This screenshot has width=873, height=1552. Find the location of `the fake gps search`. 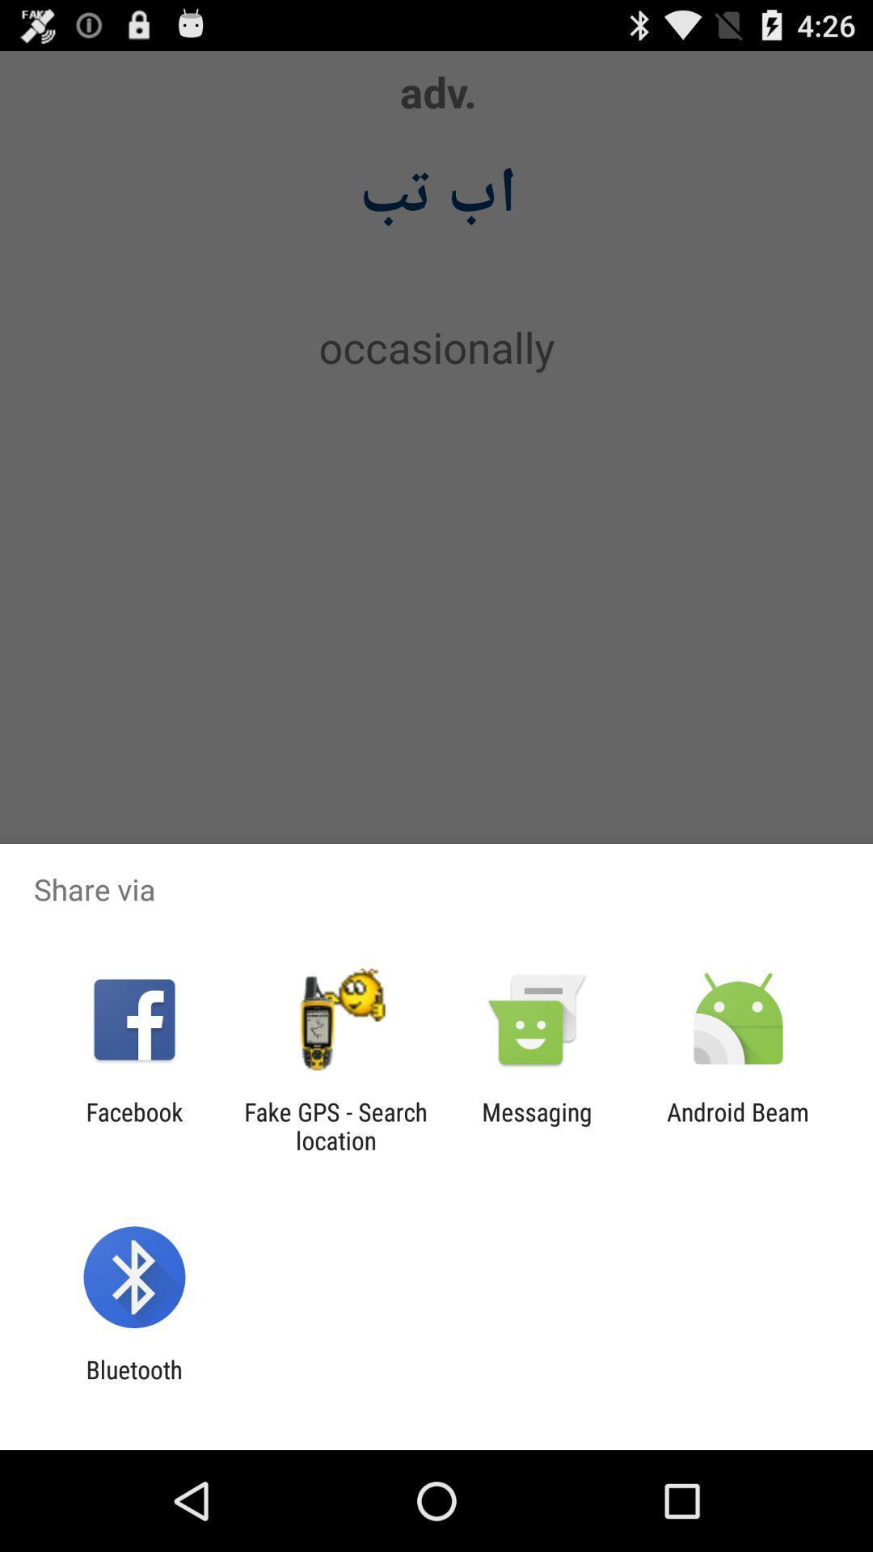

the fake gps search is located at coordinates (335, 1125).